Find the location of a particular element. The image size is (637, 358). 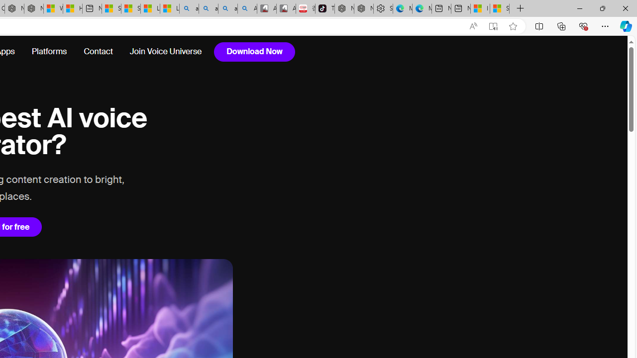

'Download Now' is located at coordinates (254, 52).